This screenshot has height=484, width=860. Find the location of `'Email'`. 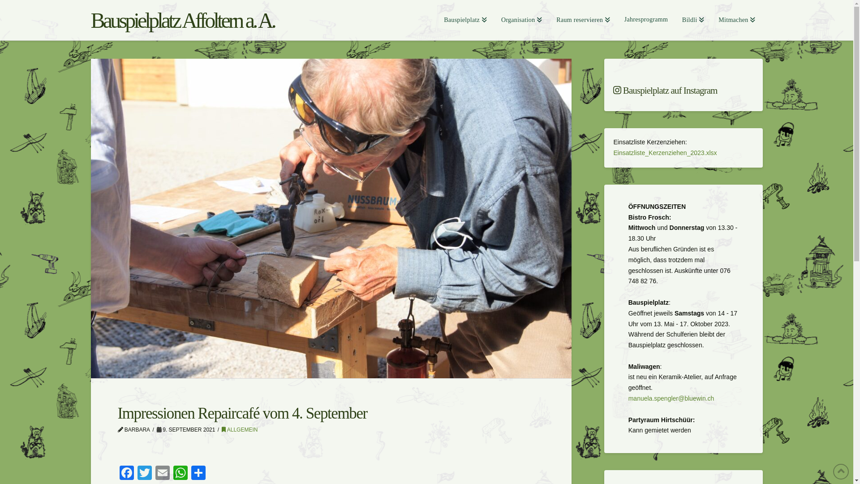

'Email' is located at coordinates (162, 473).